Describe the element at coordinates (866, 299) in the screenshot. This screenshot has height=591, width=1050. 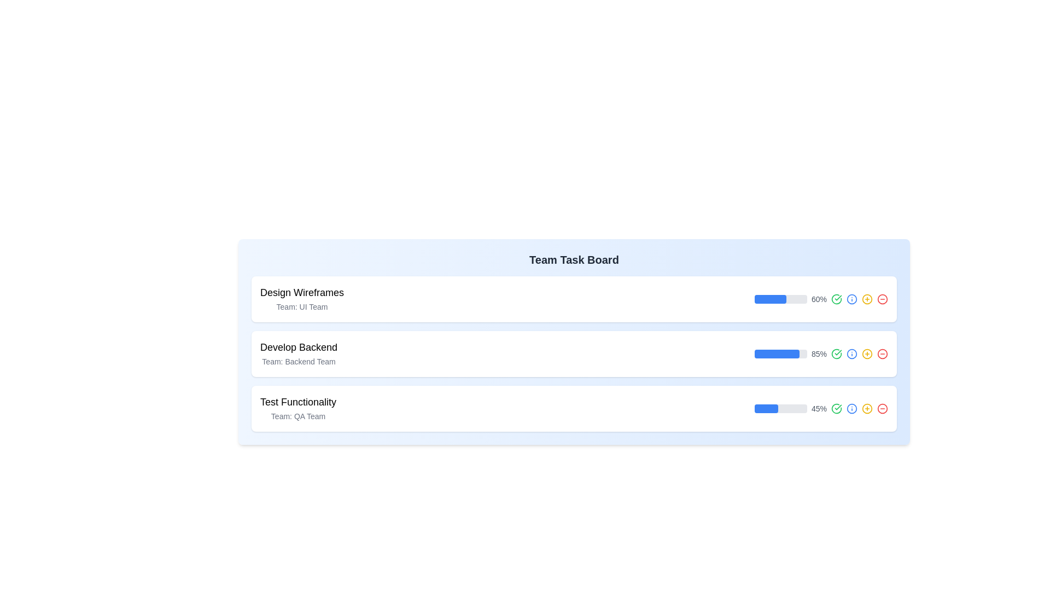
I see `the circular interactive icon in the task management UI, which is located at the end of a task row within a board-like interface` at that location.